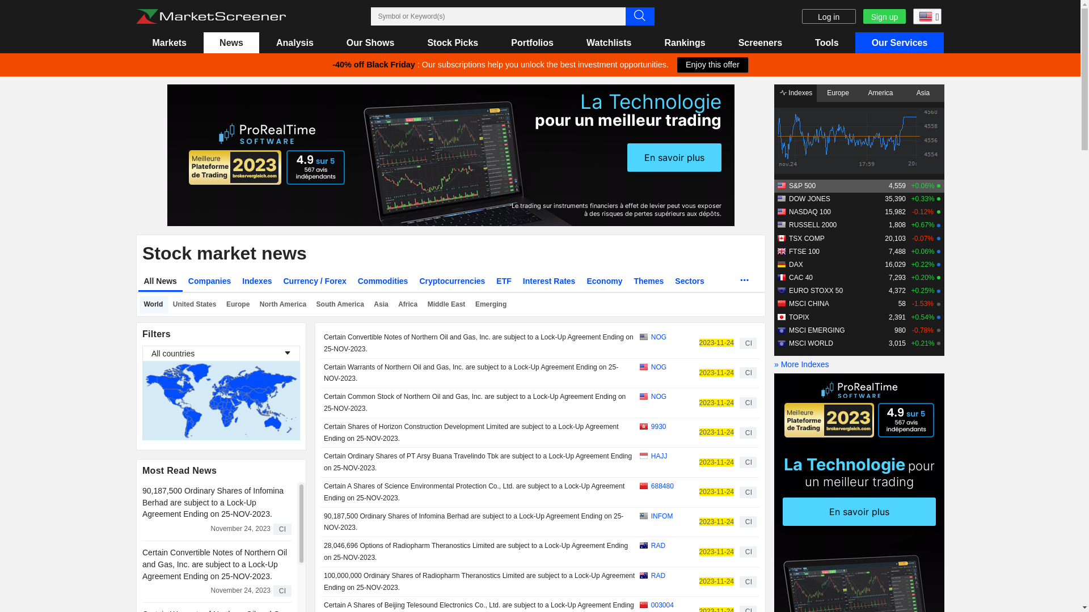  Describe the element at coordinates (803, 250) in the screenshot. I see `'FTSE 100'` at that location.